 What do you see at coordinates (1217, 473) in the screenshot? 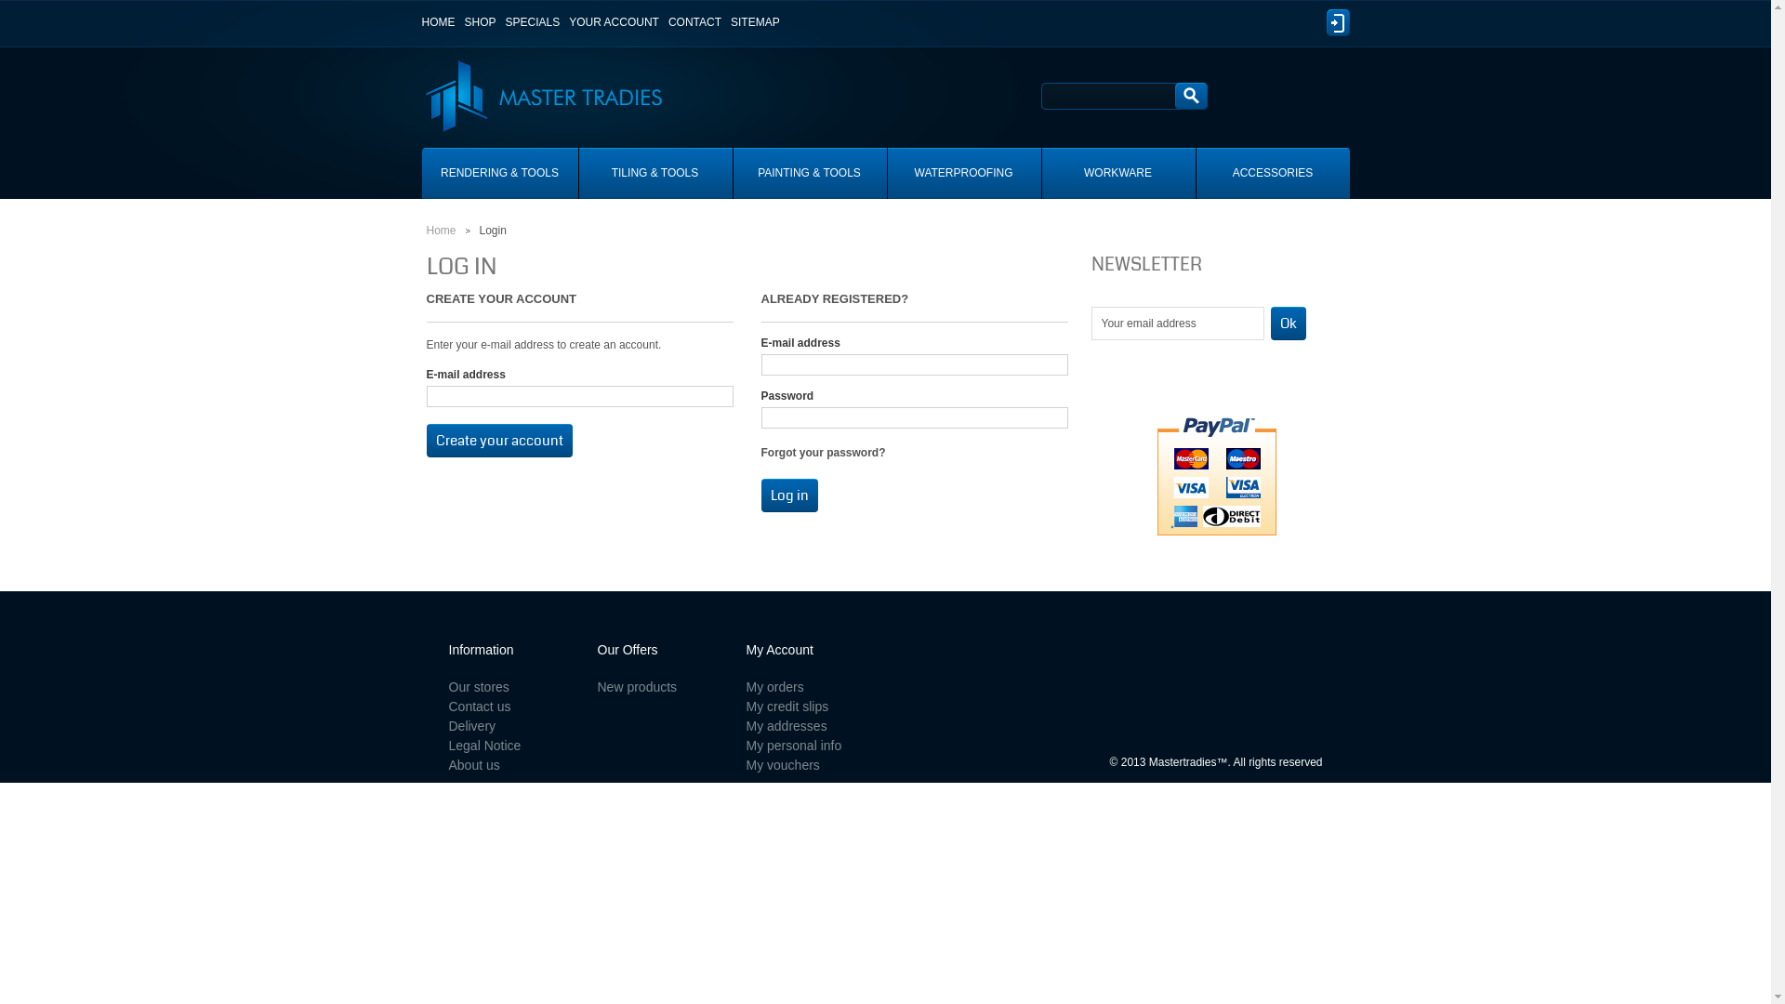
I see `'Pay with PayPal'` at bounding box center [1217, 473].